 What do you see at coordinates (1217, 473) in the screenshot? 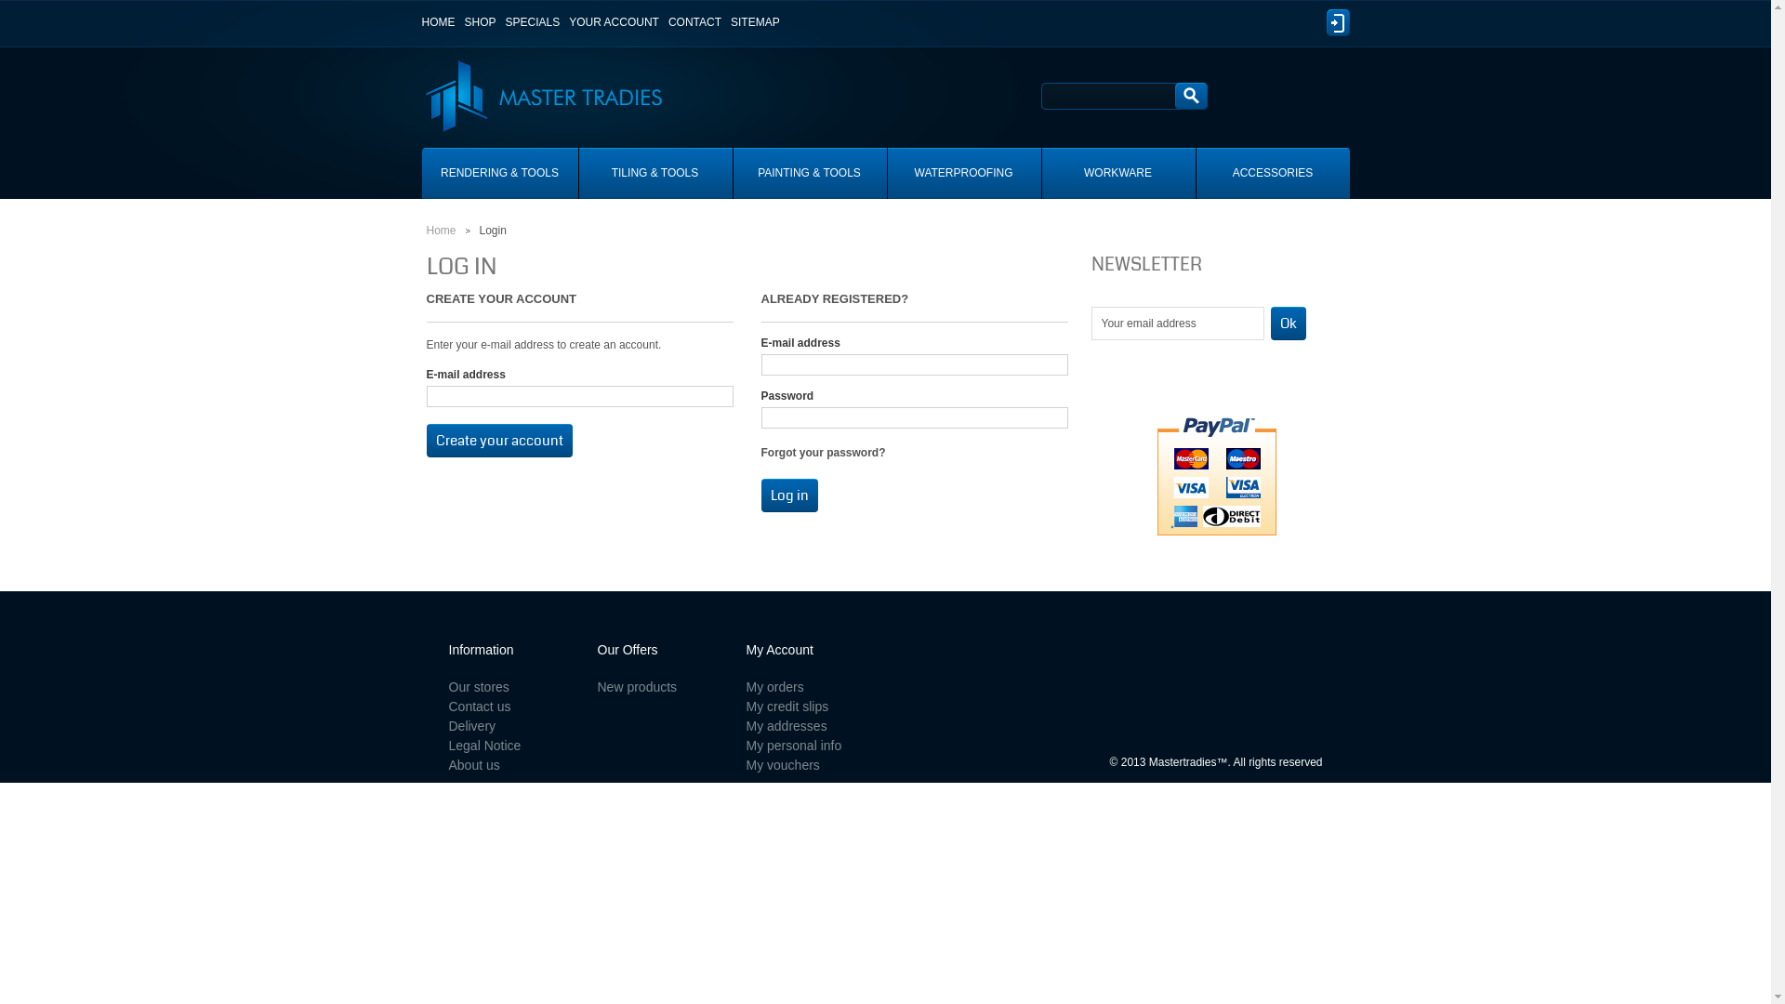
I see `'Pay with PayPal'` at bounding box center [1217, 473].